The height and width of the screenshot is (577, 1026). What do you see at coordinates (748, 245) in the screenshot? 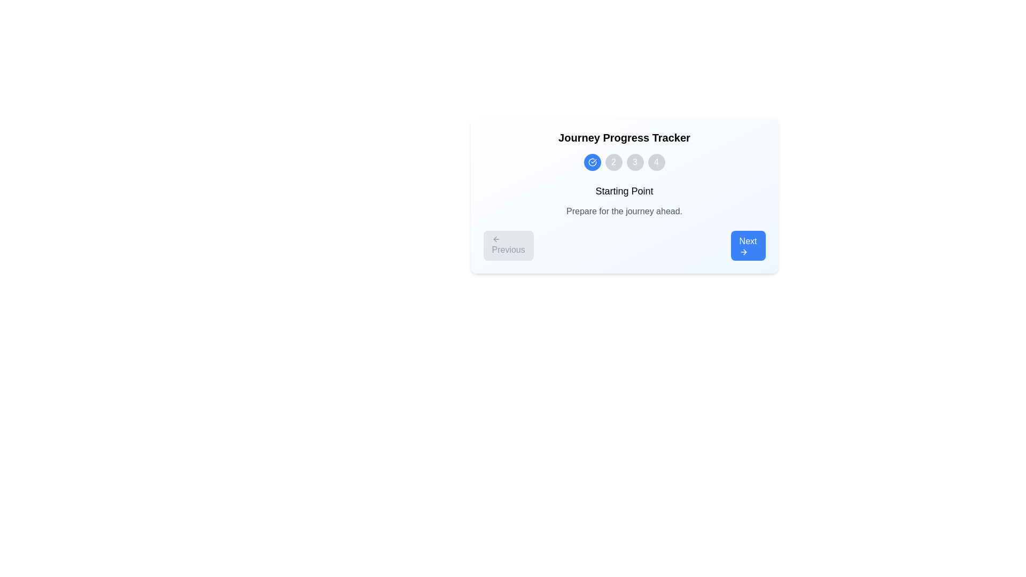
I see `the 'Next' button located at the far right of the card-like interface` at bounding box center [748, 245].